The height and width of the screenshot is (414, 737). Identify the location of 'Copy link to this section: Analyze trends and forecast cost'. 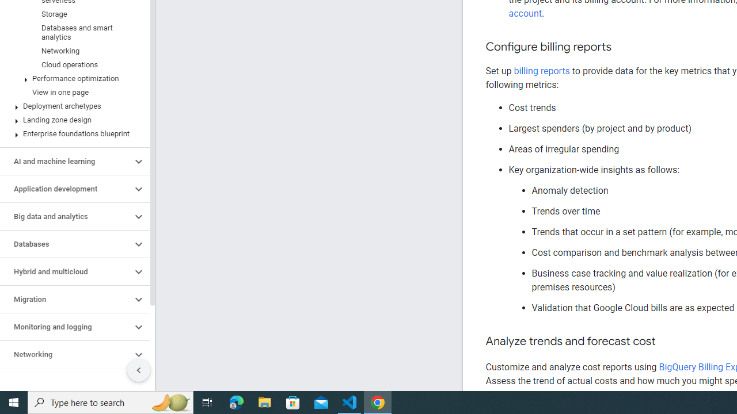
(667, 341).